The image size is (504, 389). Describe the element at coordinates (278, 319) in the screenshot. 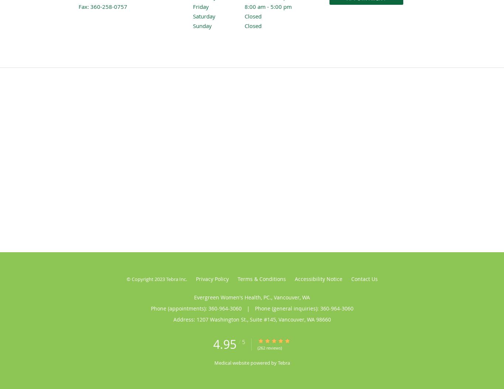

I see `'Vancouver'` at that location.